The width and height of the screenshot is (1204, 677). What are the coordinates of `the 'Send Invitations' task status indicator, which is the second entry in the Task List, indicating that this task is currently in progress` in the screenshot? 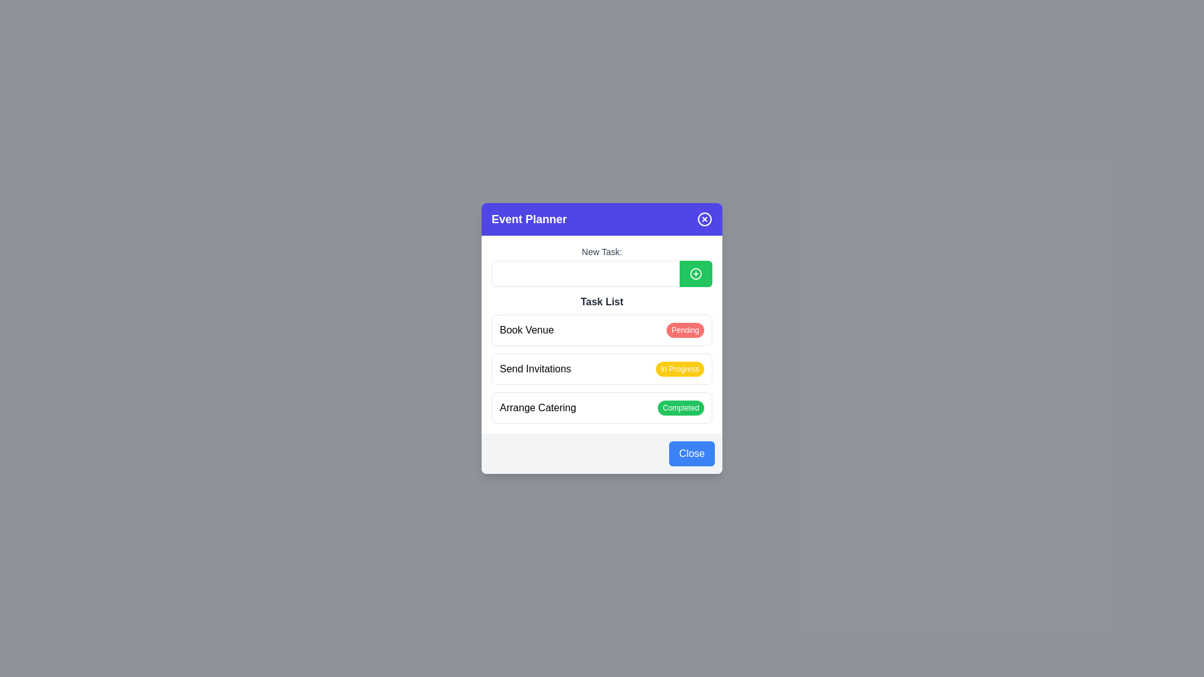 It's located at (602, 369).